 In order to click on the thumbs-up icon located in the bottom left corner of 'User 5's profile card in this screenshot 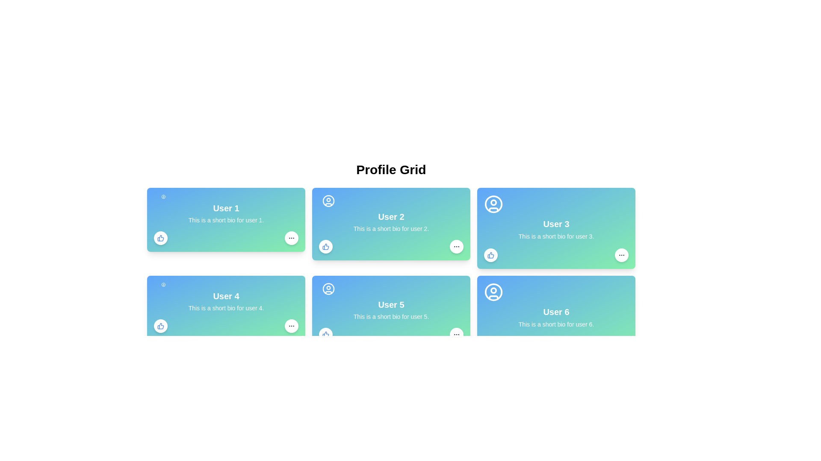, I will do `click(325, 334)`.